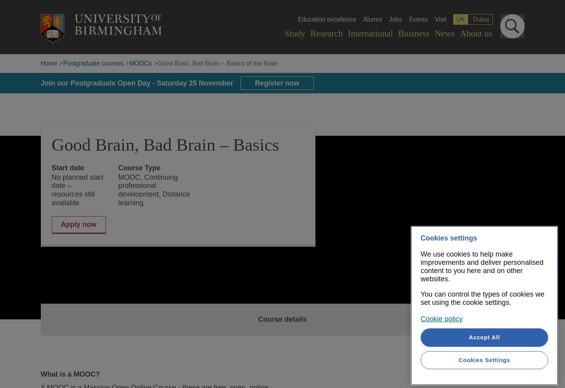 This screenshot has width=565, height=388. Describe the element at coordinates (69, 374) in the screenshot. I see `'What is a MOOC?'` at that location.